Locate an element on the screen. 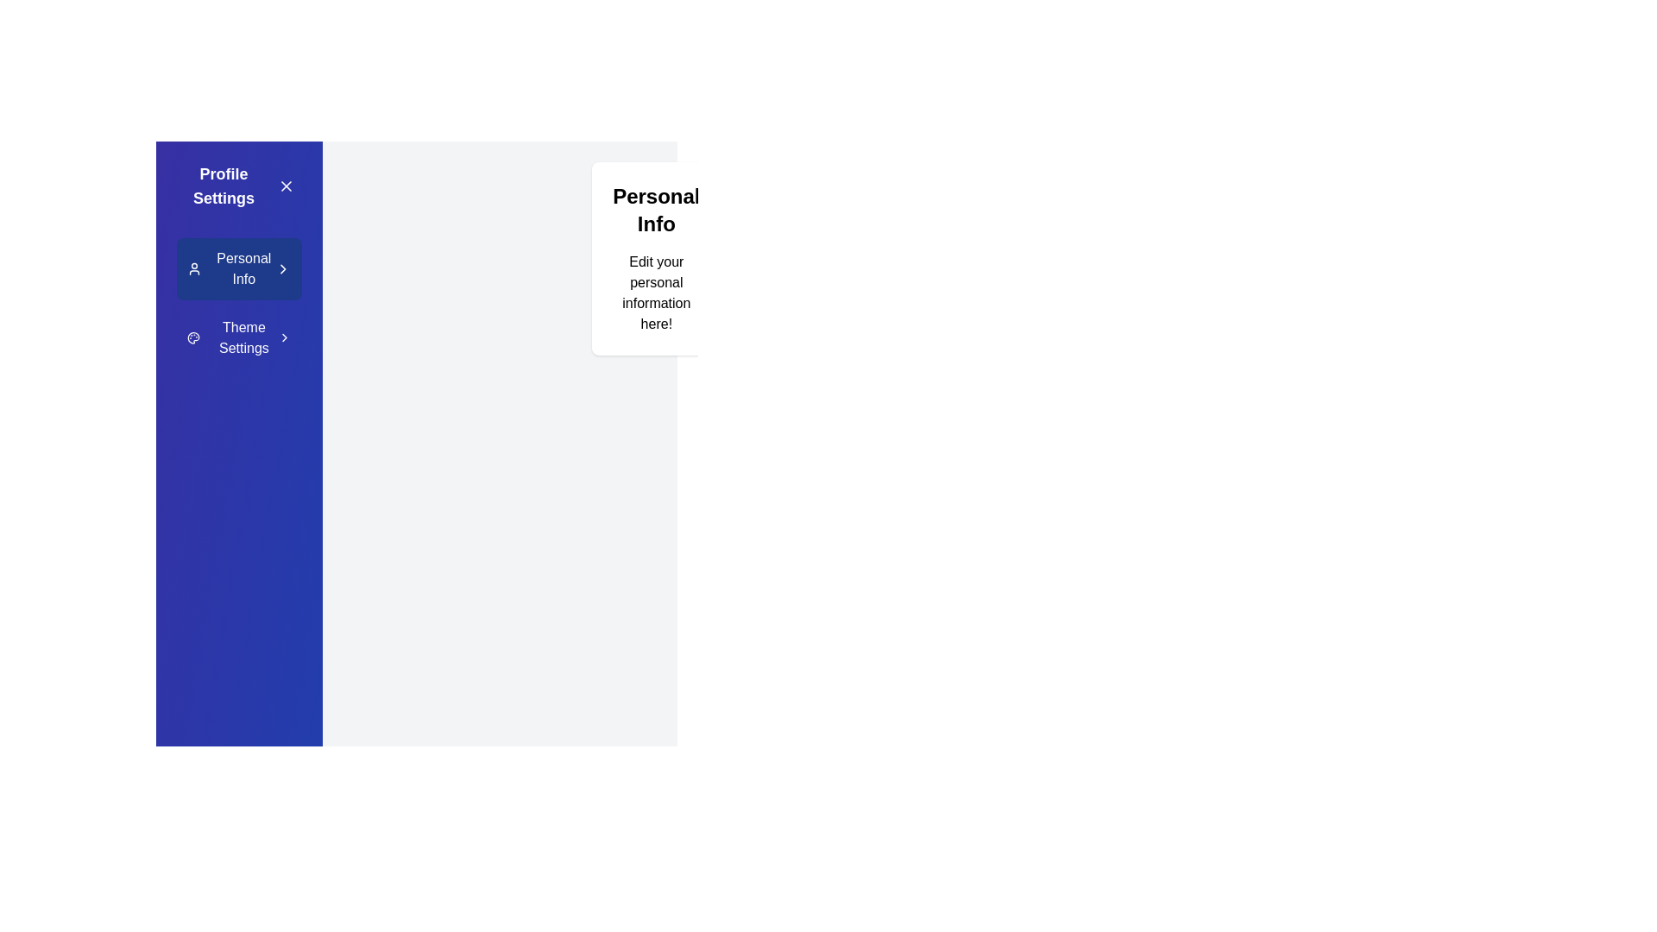 The height and width of the screenshot is (932, 1657). the chevron arrow icon styled in white on a blue background located on the far right side of the 'Theme Settings' row under the 'Profile Settings' panel is located at coordinates (284, 338).